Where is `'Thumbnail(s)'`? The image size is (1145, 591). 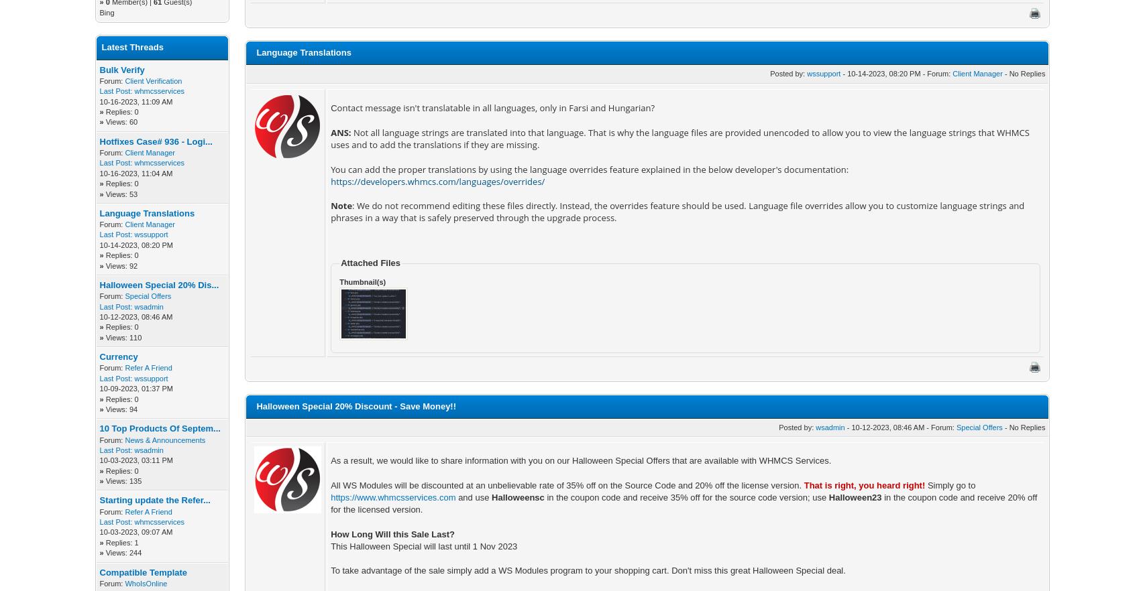
'Thumbnail(s)' is located at coordinates (362, 281).